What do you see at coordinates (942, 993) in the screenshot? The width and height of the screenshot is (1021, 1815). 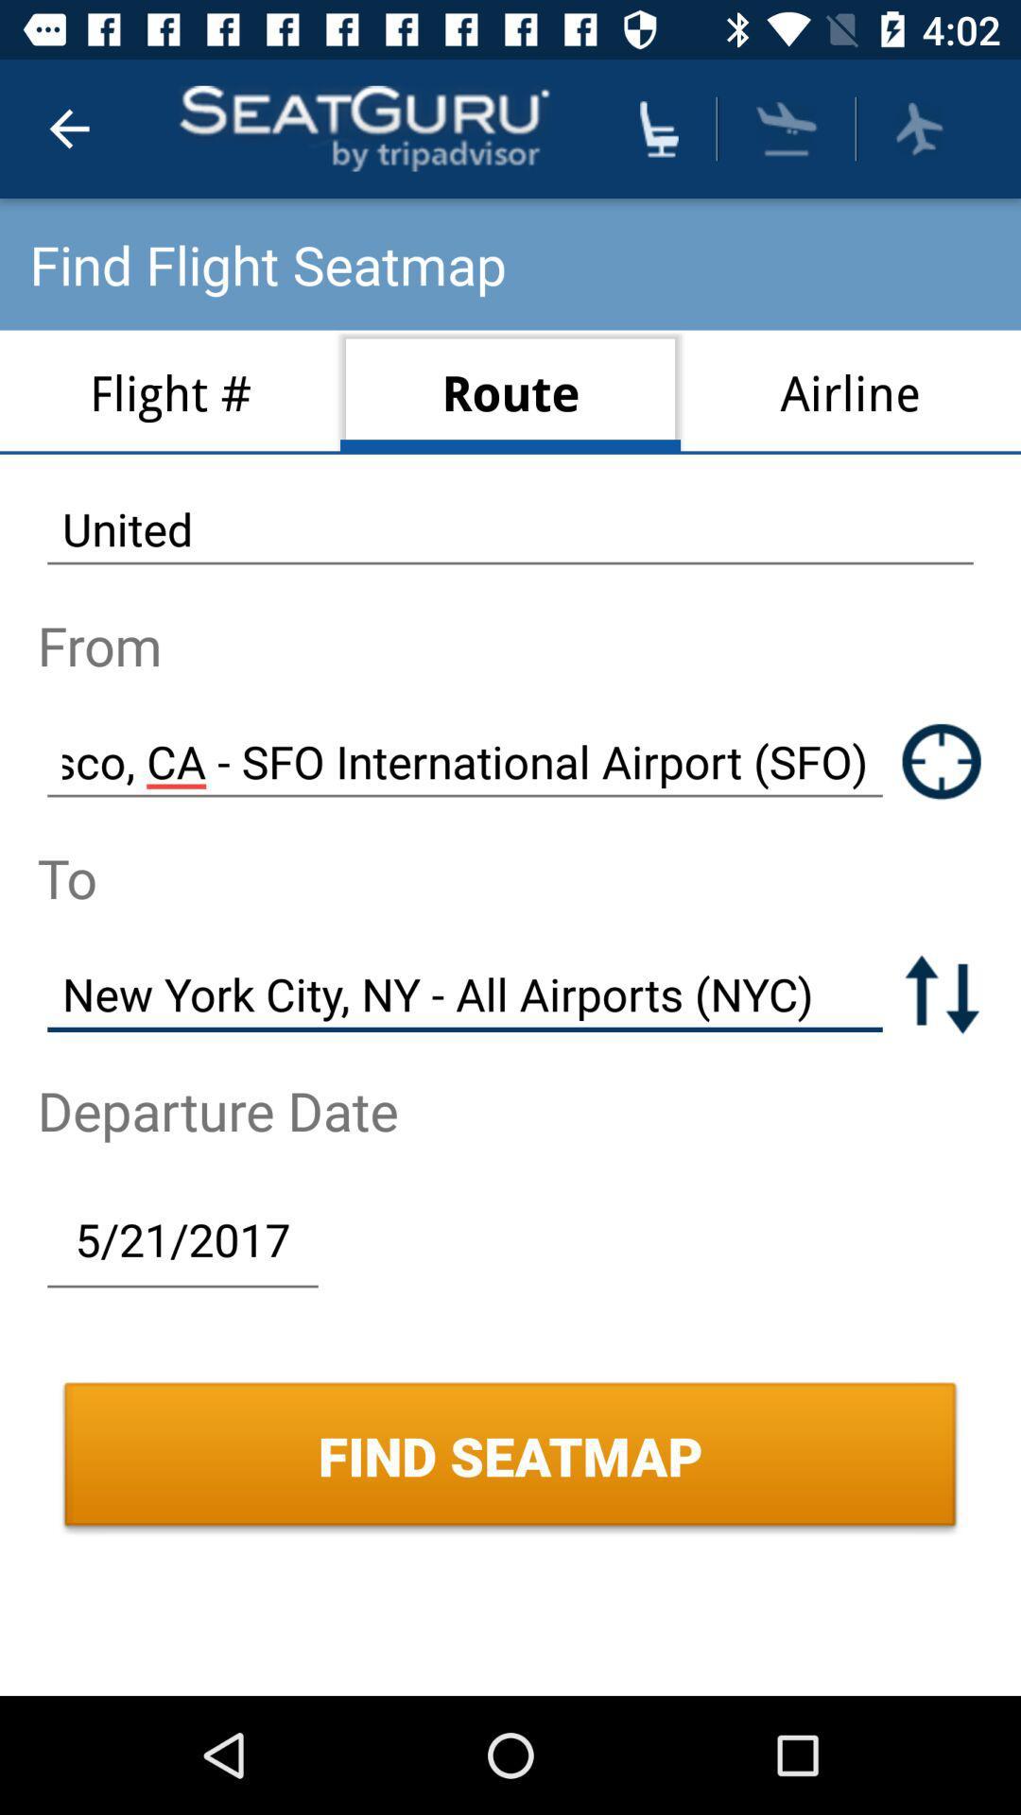 I see `change to from` at bounding box center [942, 993].